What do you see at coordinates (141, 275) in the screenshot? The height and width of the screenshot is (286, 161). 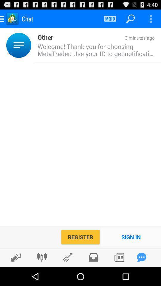 I see `the chat icon` at bounding box center [141, 275].